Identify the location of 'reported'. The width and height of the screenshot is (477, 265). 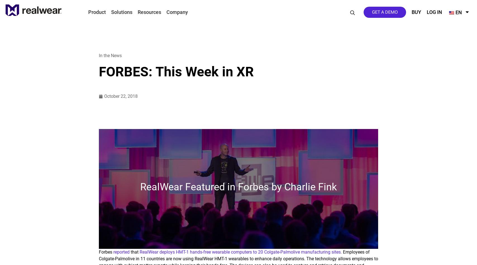
(121, 252).